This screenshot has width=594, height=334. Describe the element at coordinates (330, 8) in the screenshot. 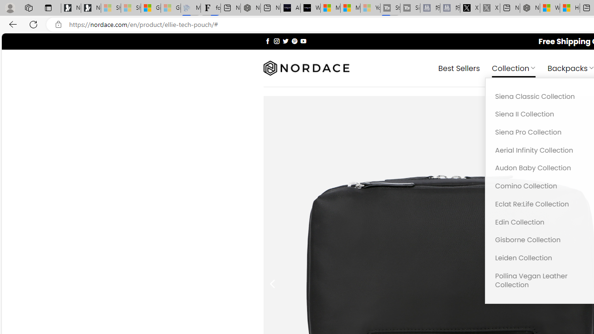

I see `'Microsoft Start Sports'` at that location.